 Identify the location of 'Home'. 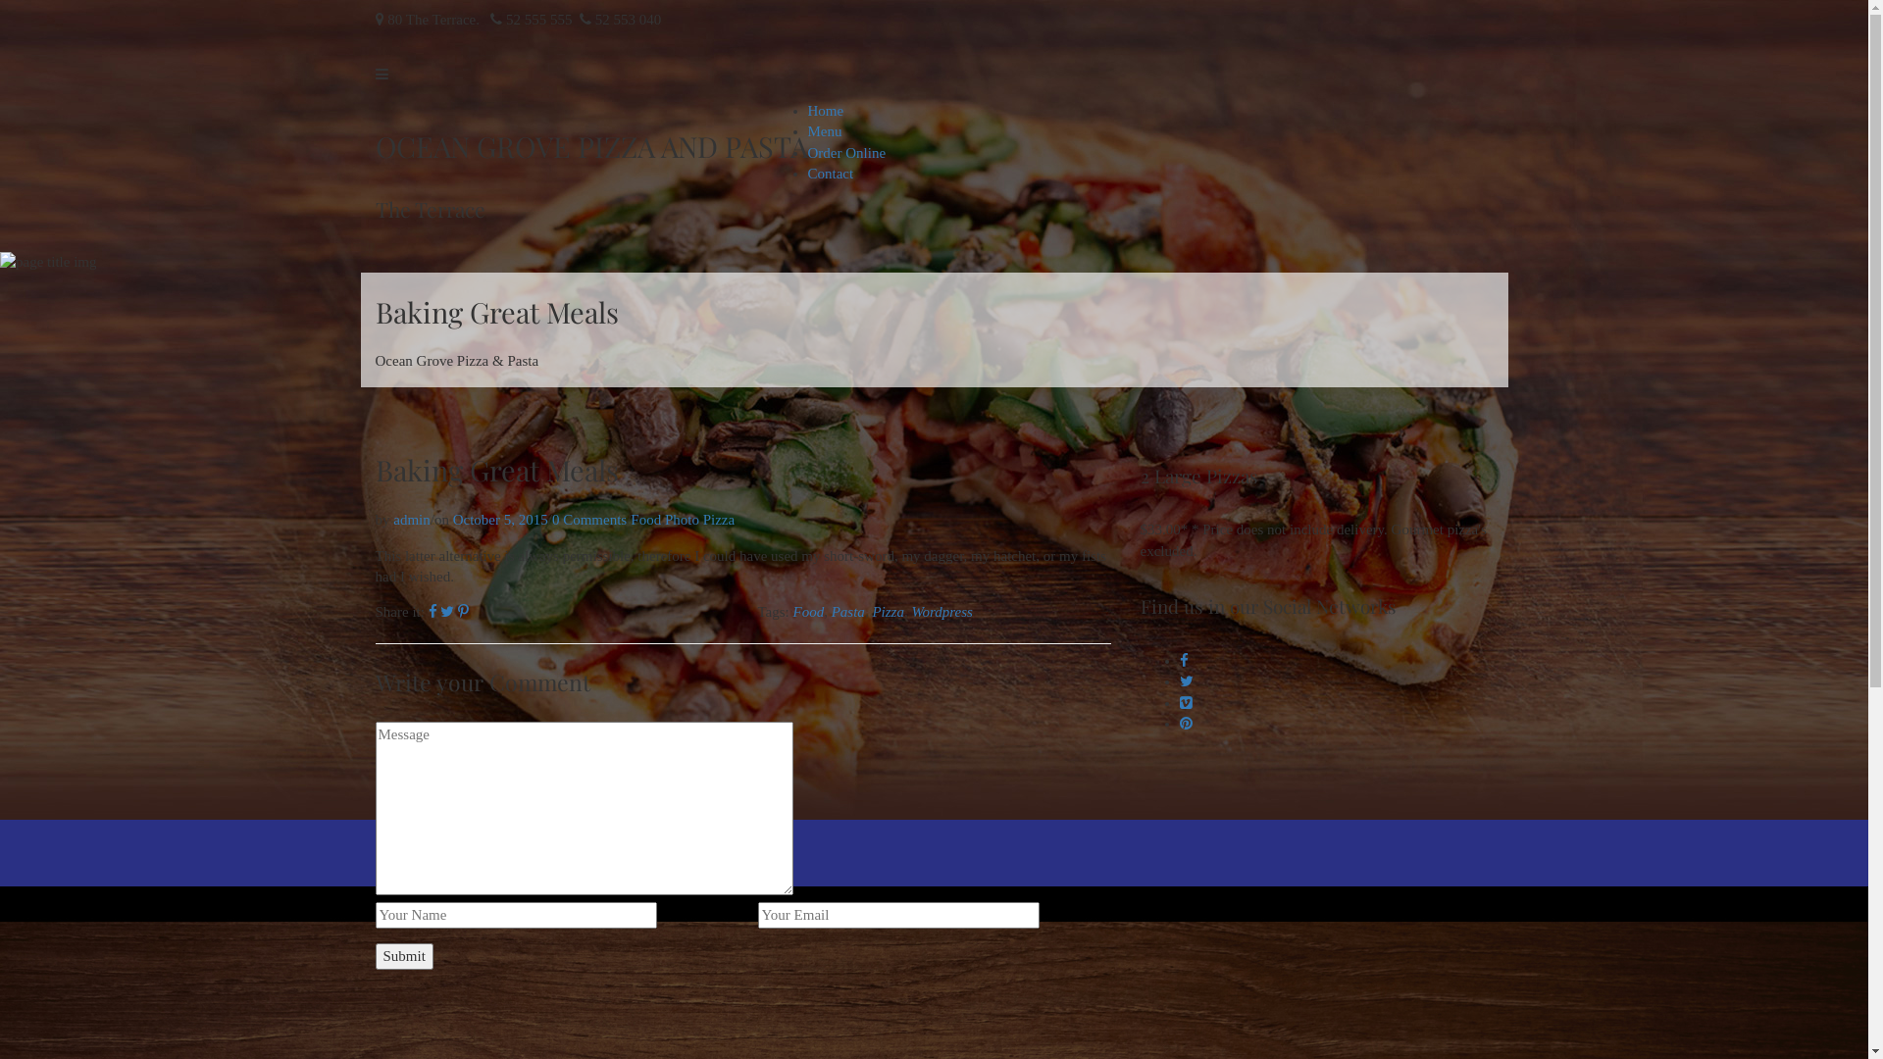
(826, 110).